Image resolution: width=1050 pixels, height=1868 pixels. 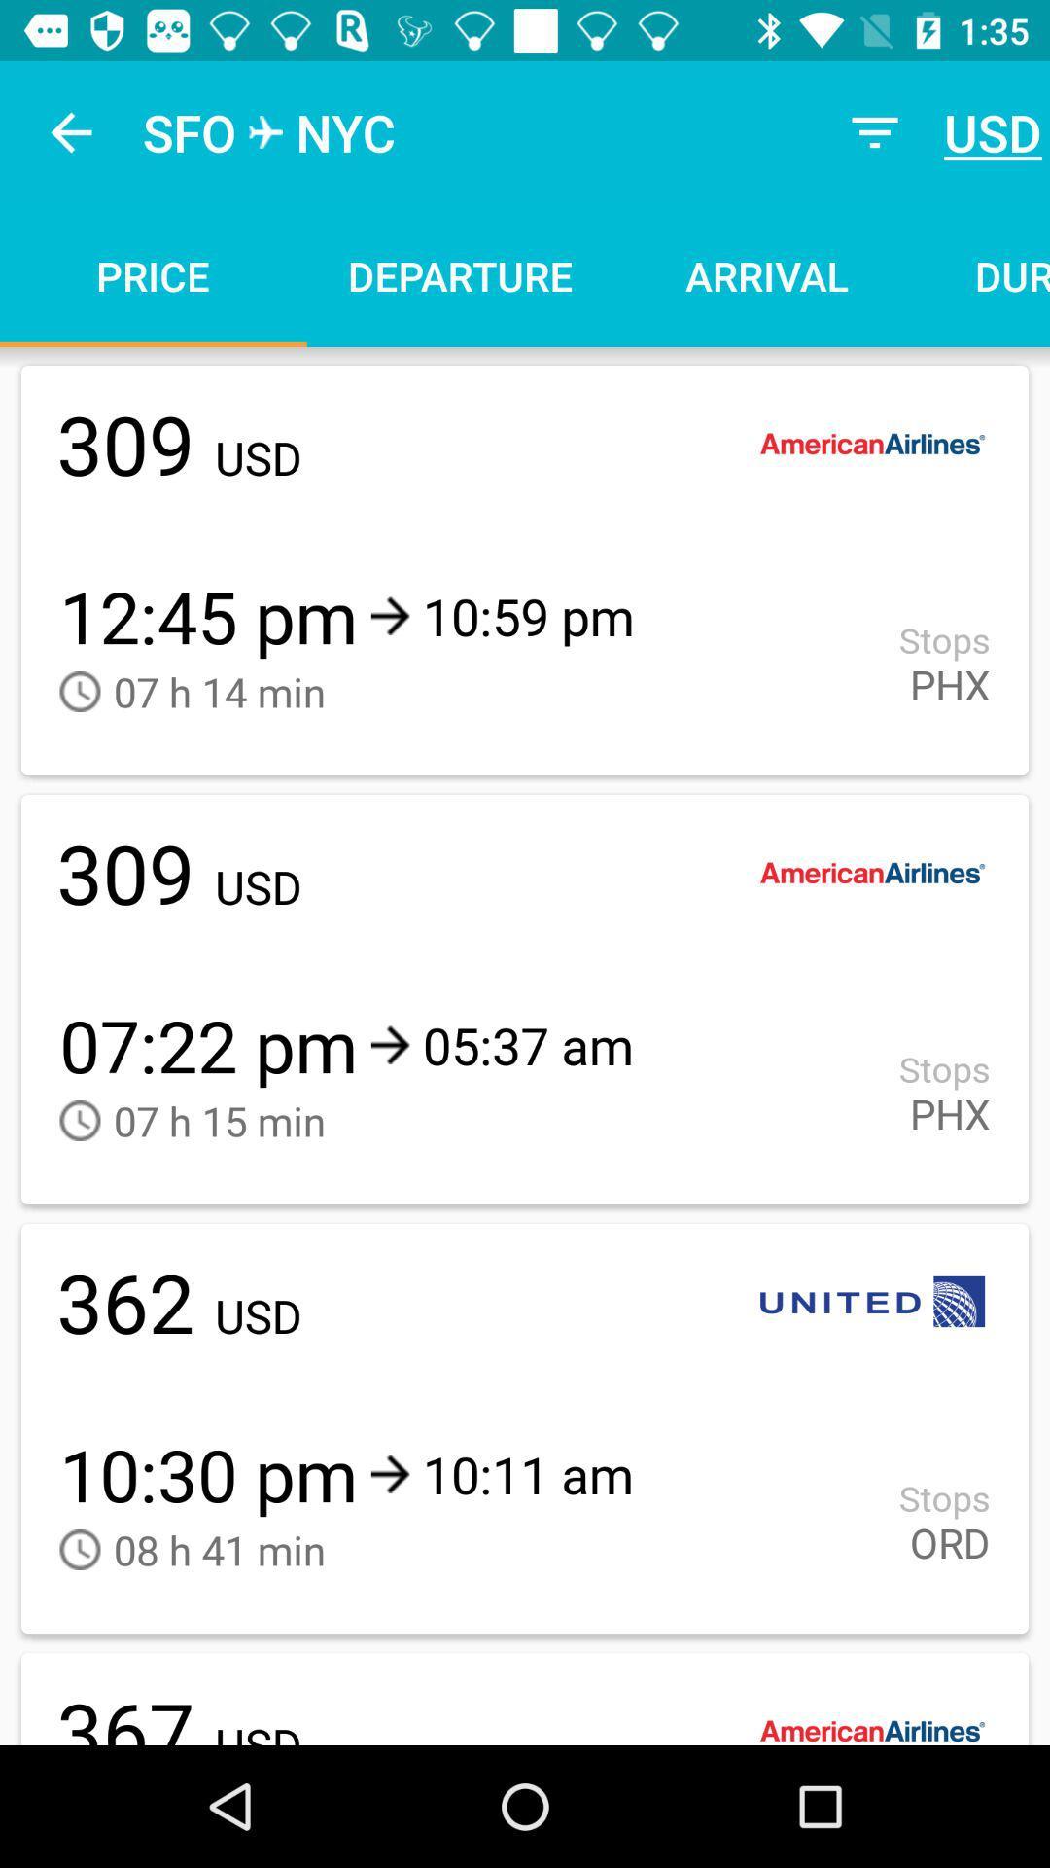 I want to click on icon next to the sfo item, so click(x=70, y=131).